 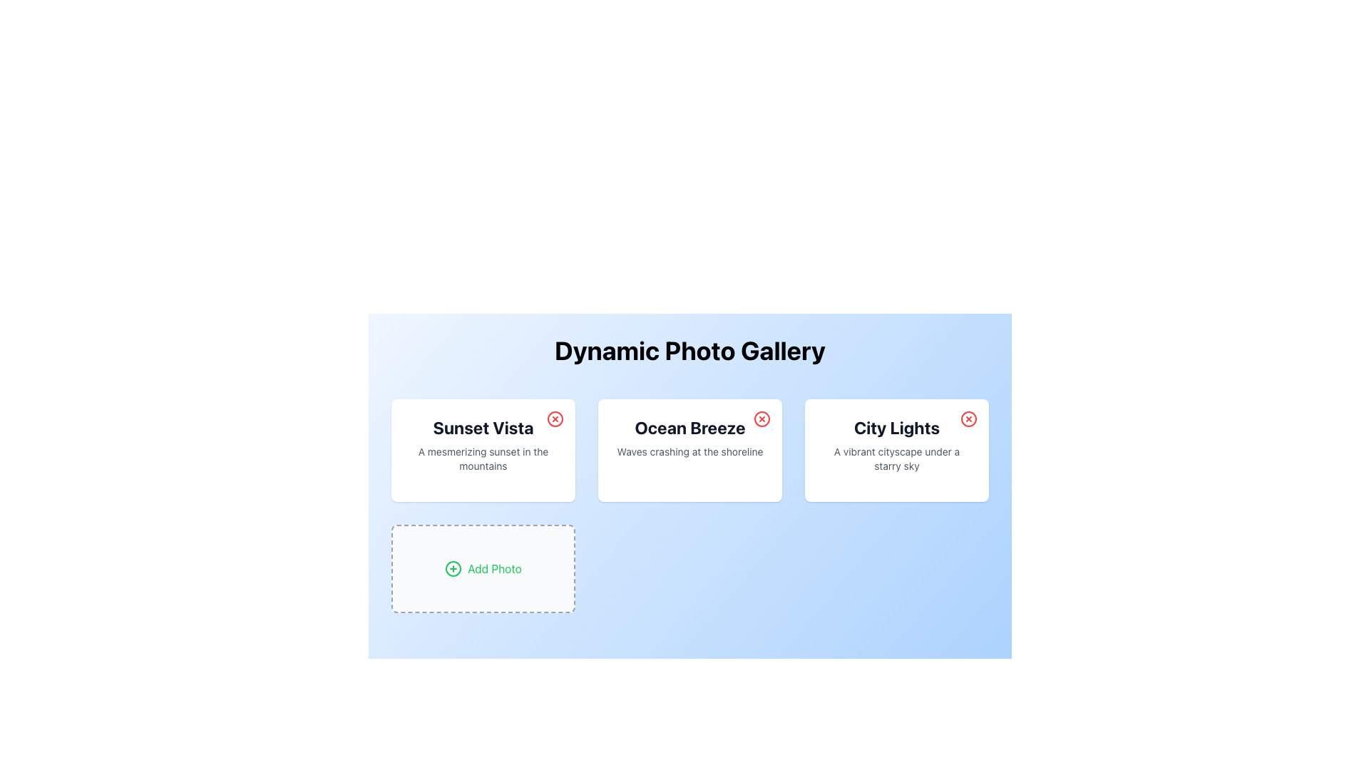 I want to click on the circular deletion button located in the top-right corner of the 'City Lights' card, which is the third card from the right in the top row of the gallery layout, so click(x=968, y=418).